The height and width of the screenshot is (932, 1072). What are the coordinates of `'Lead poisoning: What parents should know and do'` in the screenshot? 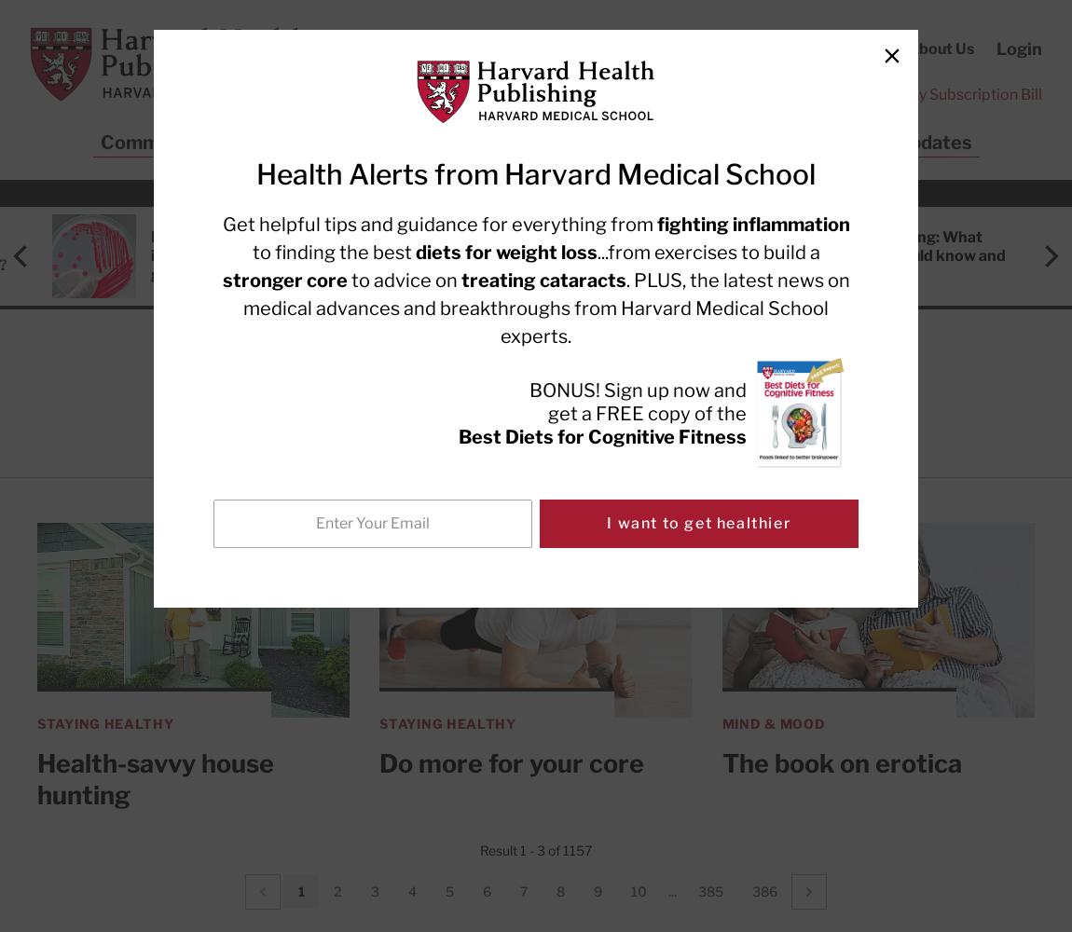 It's located at (916, 255).